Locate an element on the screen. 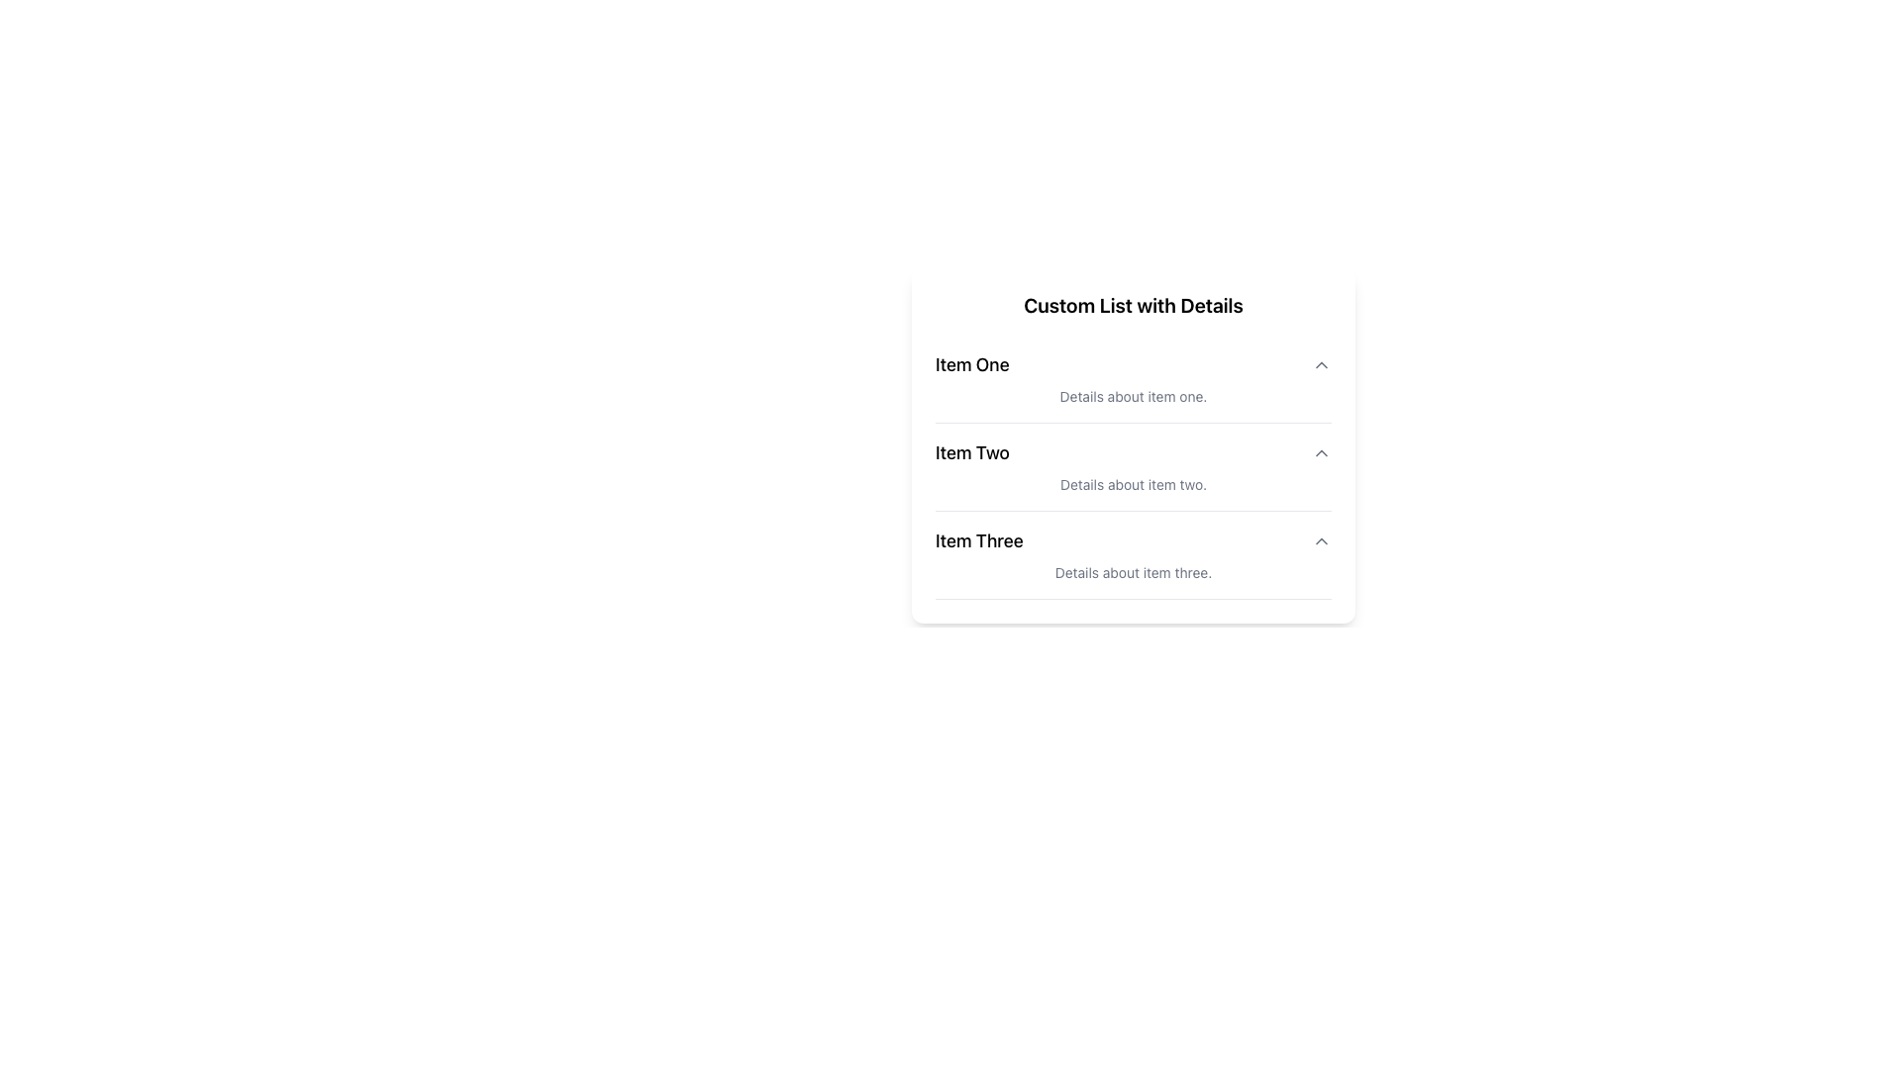 This screenshot has width=1901, height=1069. the icon-based button located at the far right of the 'Item Two' row in the 'Custom List with Details' is located at coordinates (1321, 453).